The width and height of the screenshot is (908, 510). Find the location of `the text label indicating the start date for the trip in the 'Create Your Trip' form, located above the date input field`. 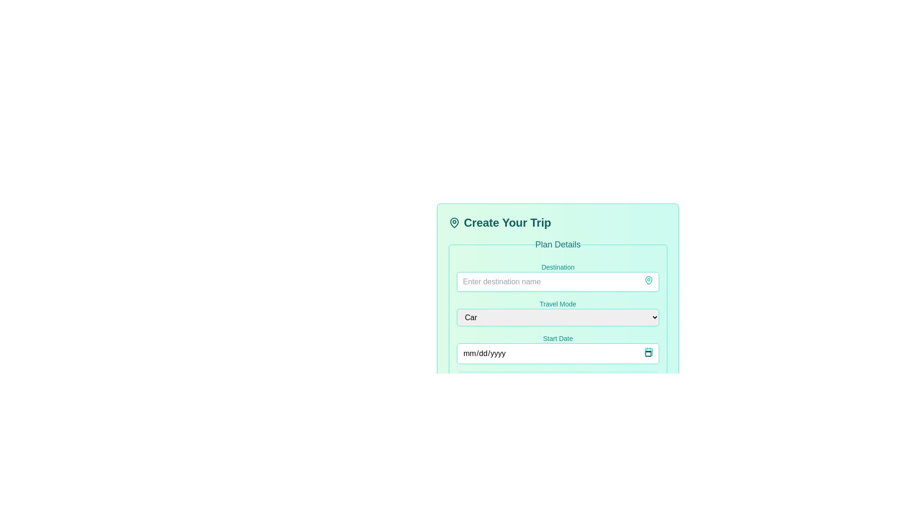

the text label indicating the start date for the trip in the 'Create Your Trip' form, located above the date input field is located at coordinates (558, 338).